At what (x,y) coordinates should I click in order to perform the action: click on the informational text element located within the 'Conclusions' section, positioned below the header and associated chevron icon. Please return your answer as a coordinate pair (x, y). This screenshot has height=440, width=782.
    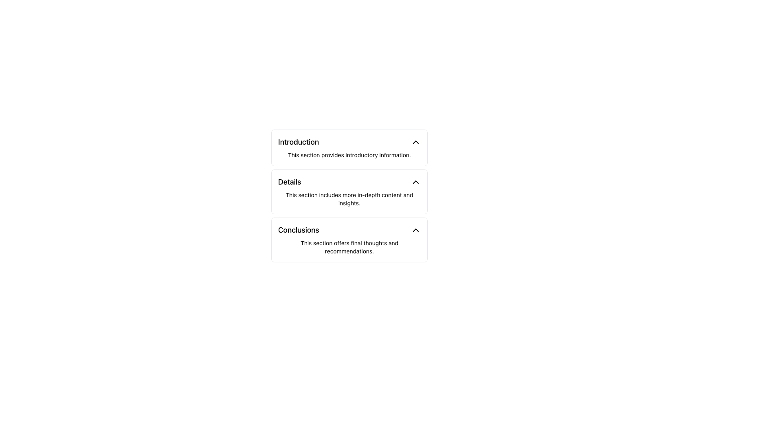
    Looking at the image, I should click on (349, 246).